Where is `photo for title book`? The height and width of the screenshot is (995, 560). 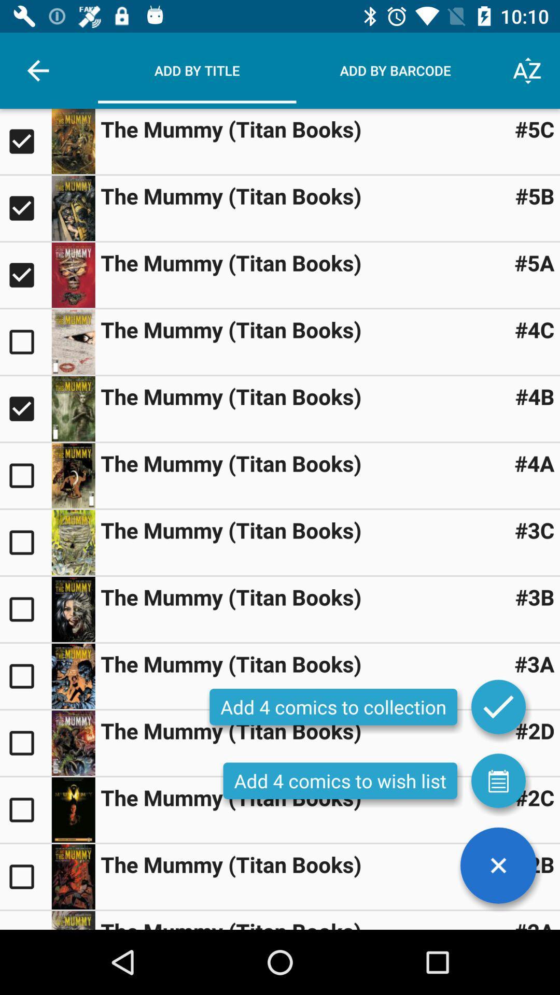 photo for title book is located at coordinates (73, 743).